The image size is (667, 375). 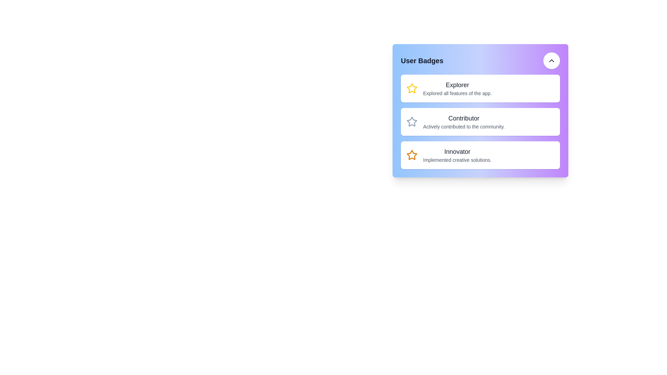 What do you see at coordinates (480, 122) in the screenshot?
I see `text present in the 'Contributor' badge description, which is the second item in the 'User Badges' list, located within a gradient background box` at bounding box center [480, 122].